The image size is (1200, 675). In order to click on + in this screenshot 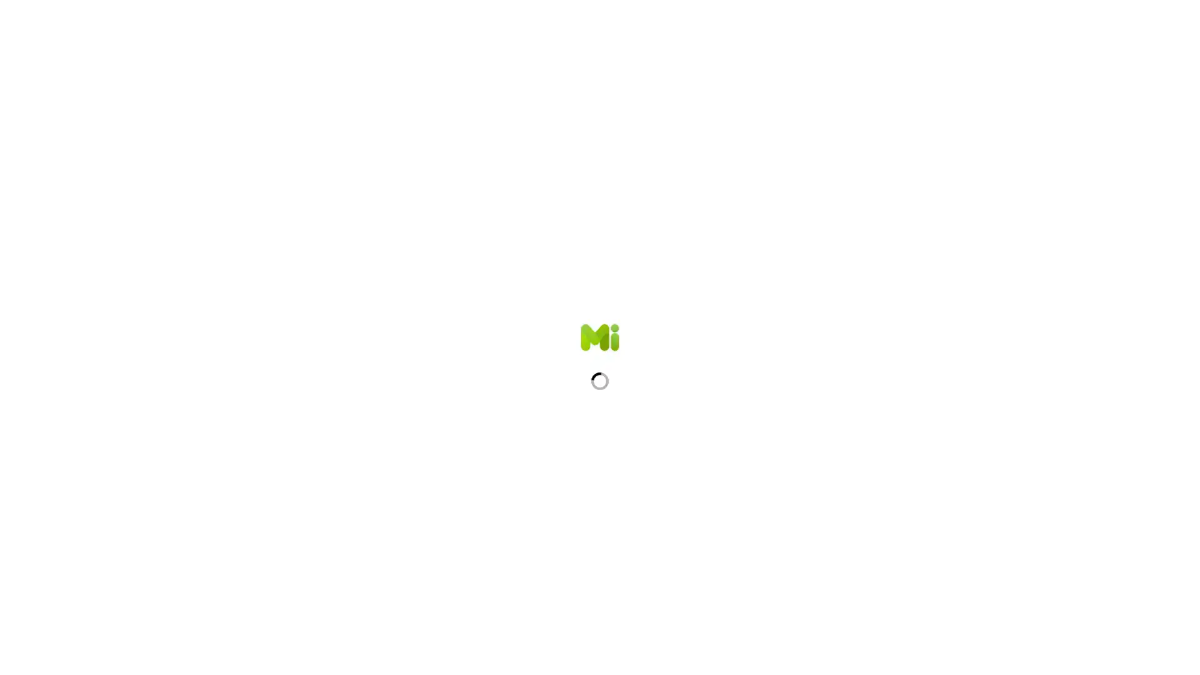, I will do `click(476, 431)`.